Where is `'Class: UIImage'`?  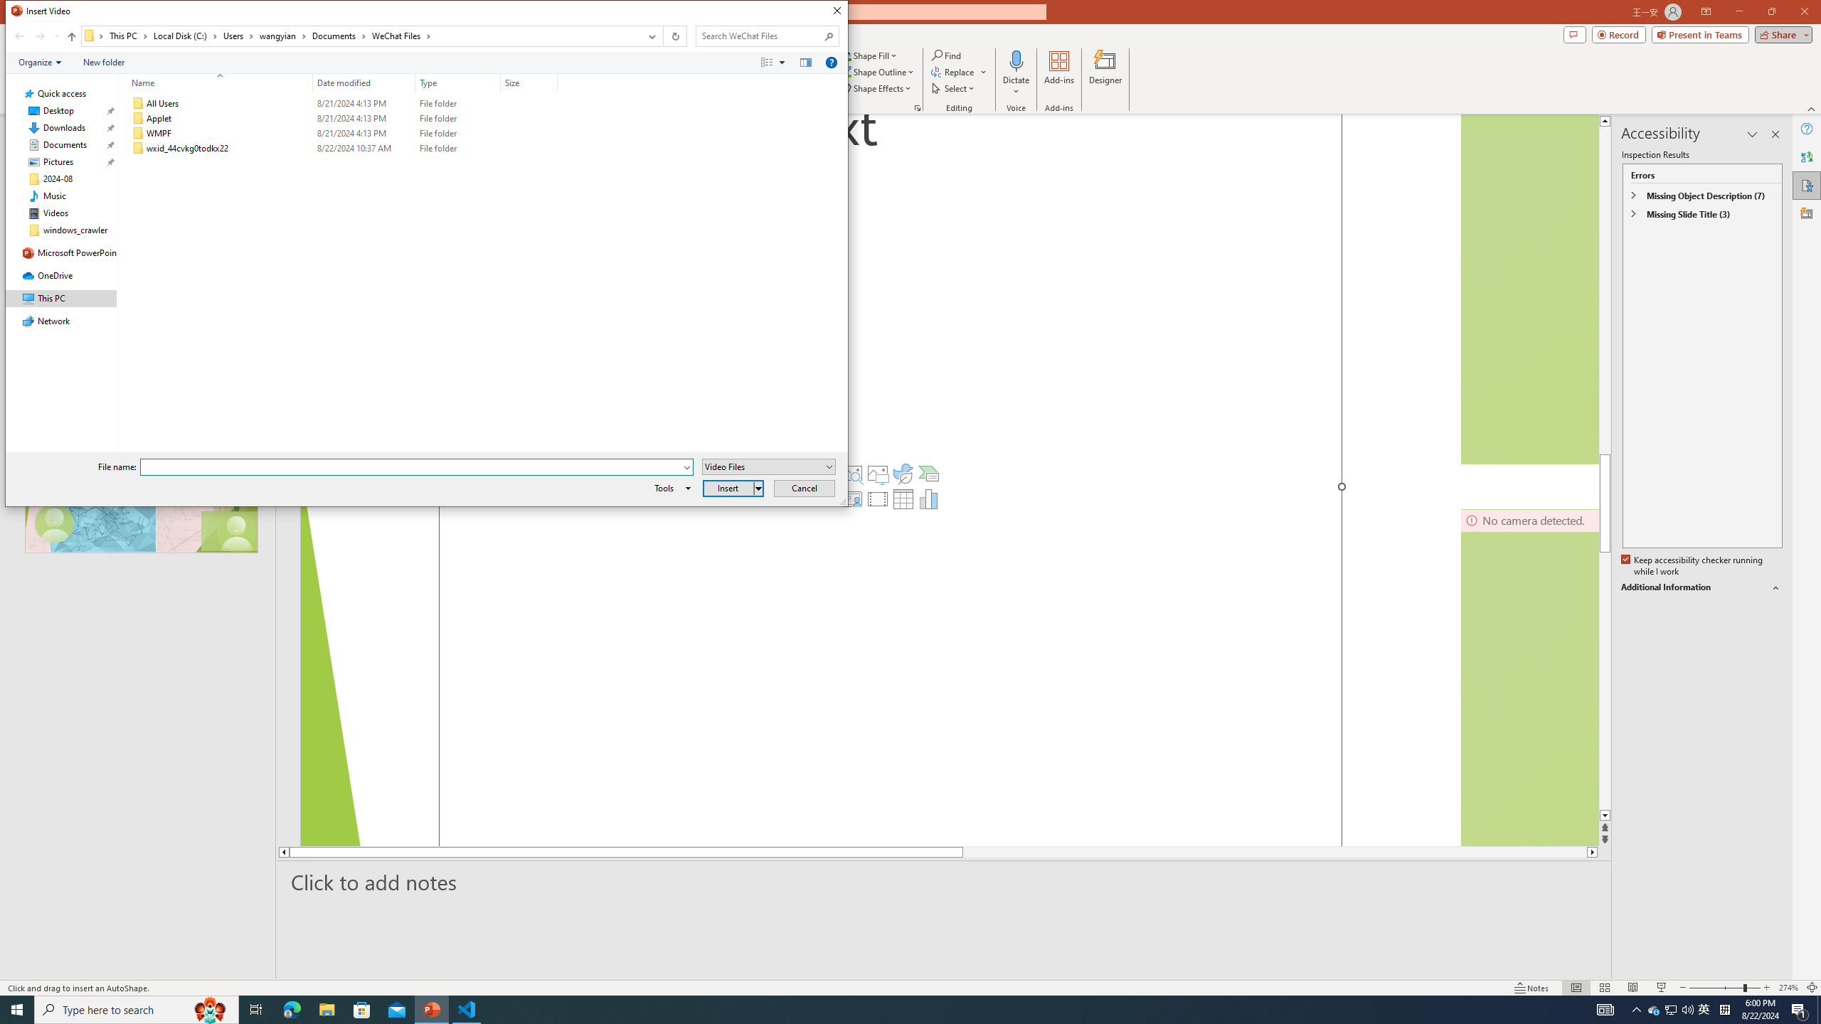 'Class: UIImage' is located at coordinates (139, 148).